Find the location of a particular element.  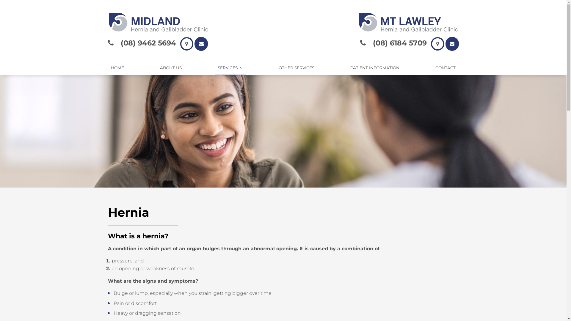

'ABOUT US' is located at coordinates (170, 68).